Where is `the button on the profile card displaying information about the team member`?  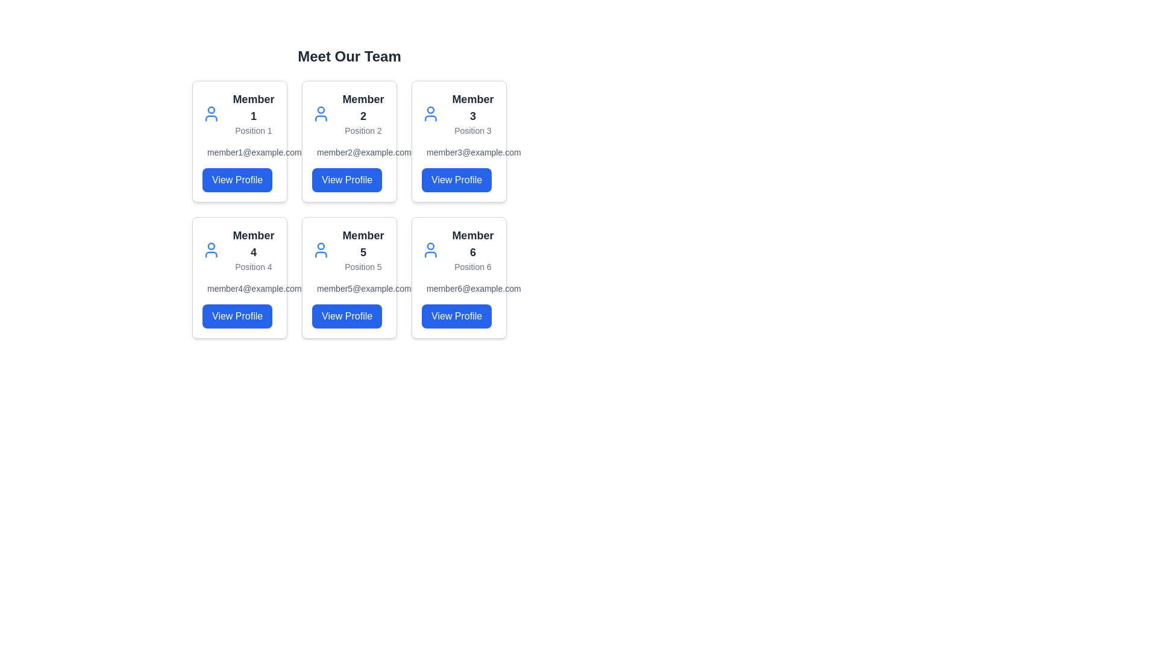
the button on the profile card displaying information about the team member is located at coordinates (240, 278).